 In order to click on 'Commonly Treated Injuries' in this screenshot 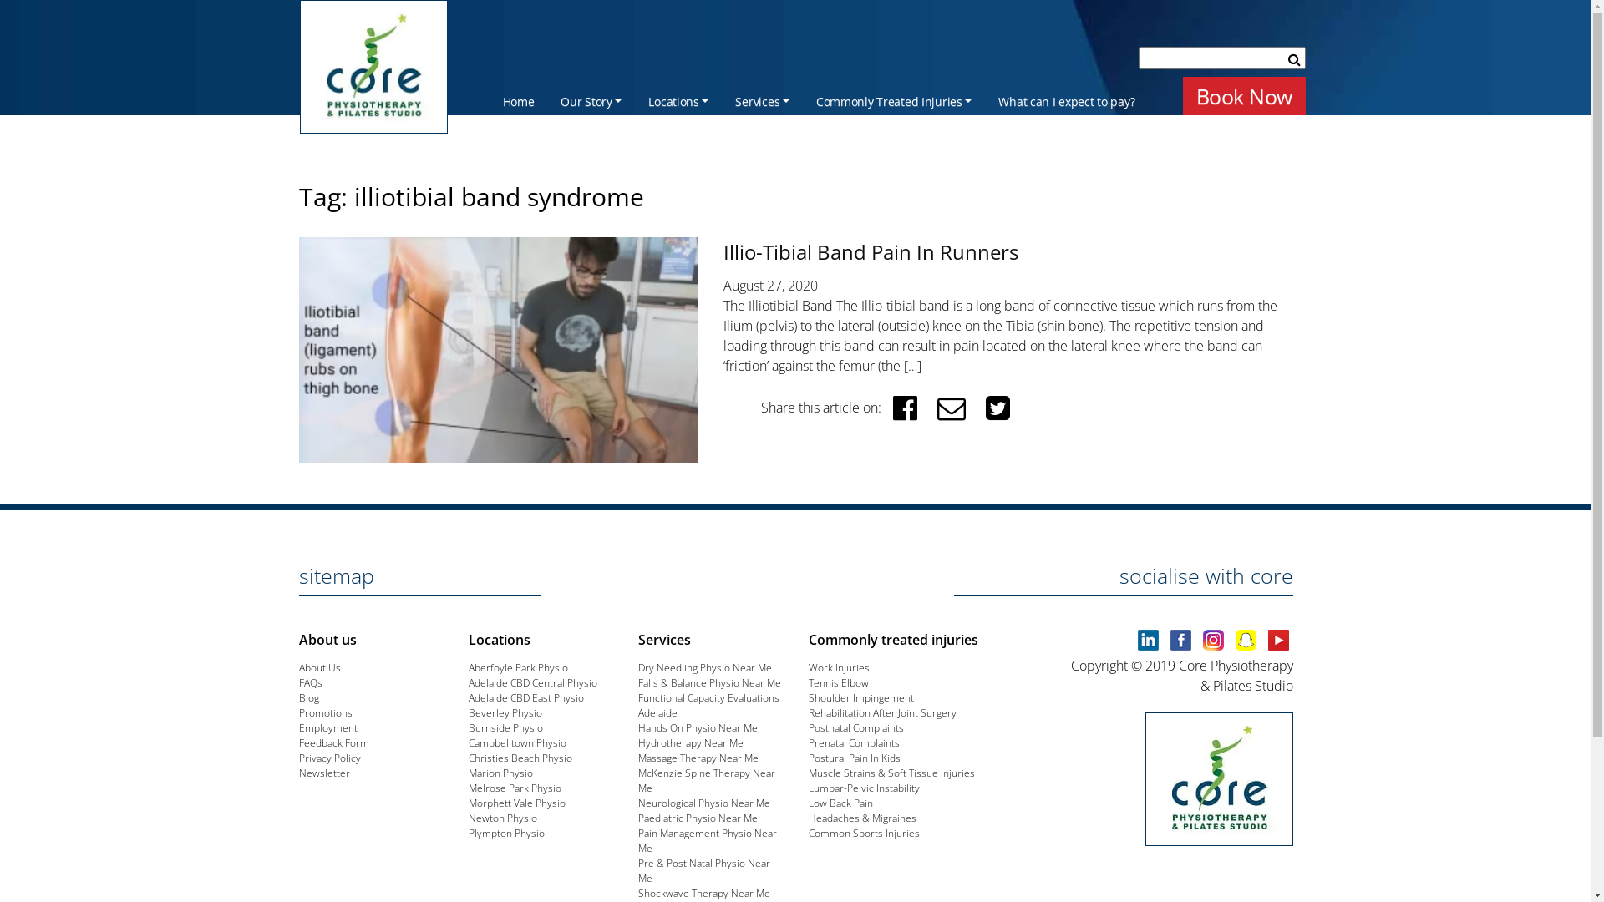, I will do `click(802, 100)`.